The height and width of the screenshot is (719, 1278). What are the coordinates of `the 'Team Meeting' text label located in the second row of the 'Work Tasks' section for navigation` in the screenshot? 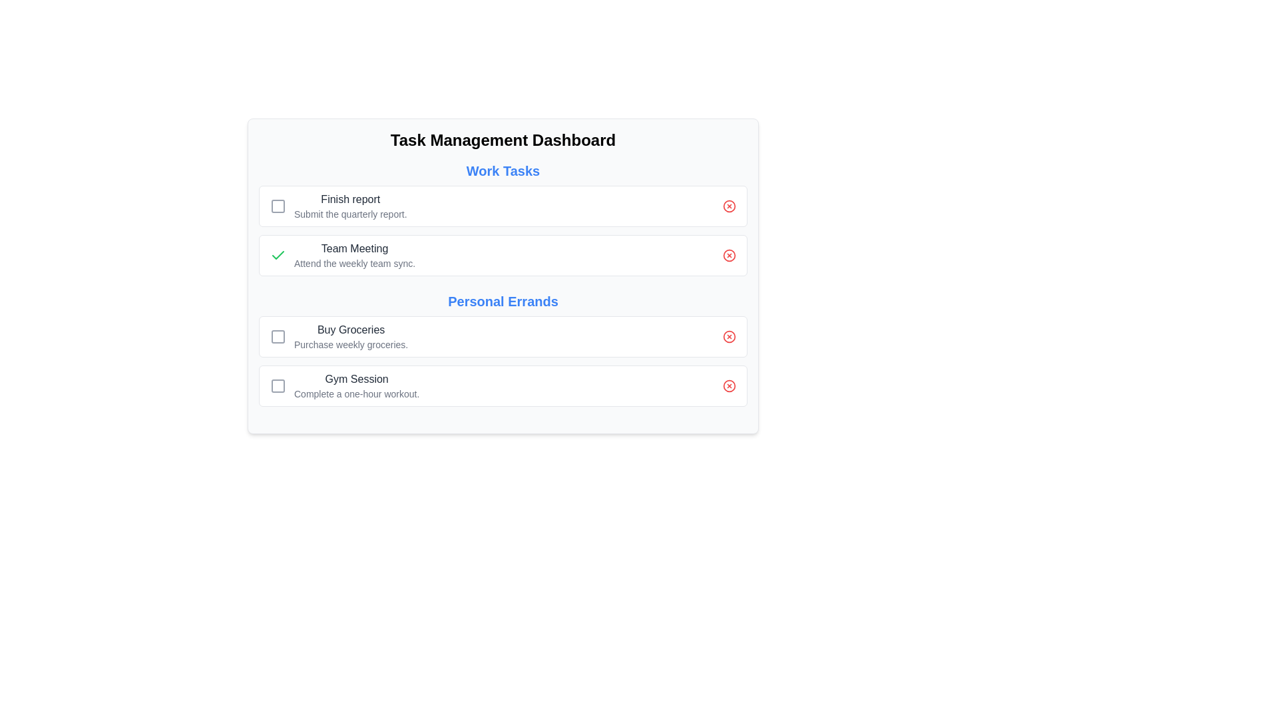 It's located at (354, 249).